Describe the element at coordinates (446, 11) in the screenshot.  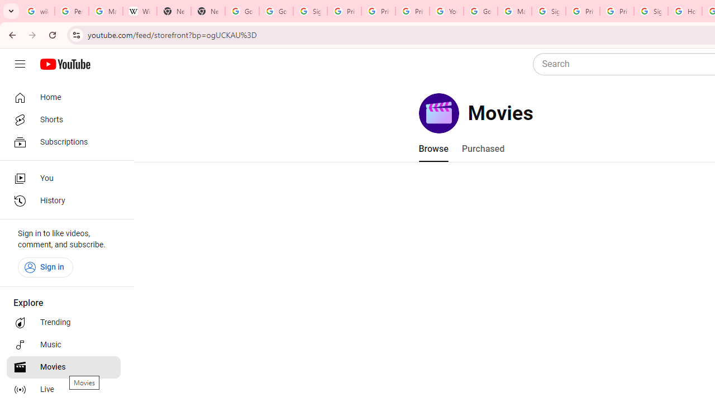
I see `'YouTube'` at that location.